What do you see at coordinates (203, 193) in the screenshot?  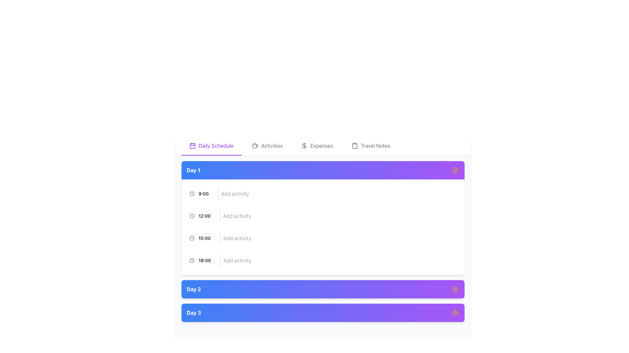 I see `the Text label displaying the time '9:00', which is the first listed time entry in the daily schedule for Day 1` at bounding box center [203, 193].